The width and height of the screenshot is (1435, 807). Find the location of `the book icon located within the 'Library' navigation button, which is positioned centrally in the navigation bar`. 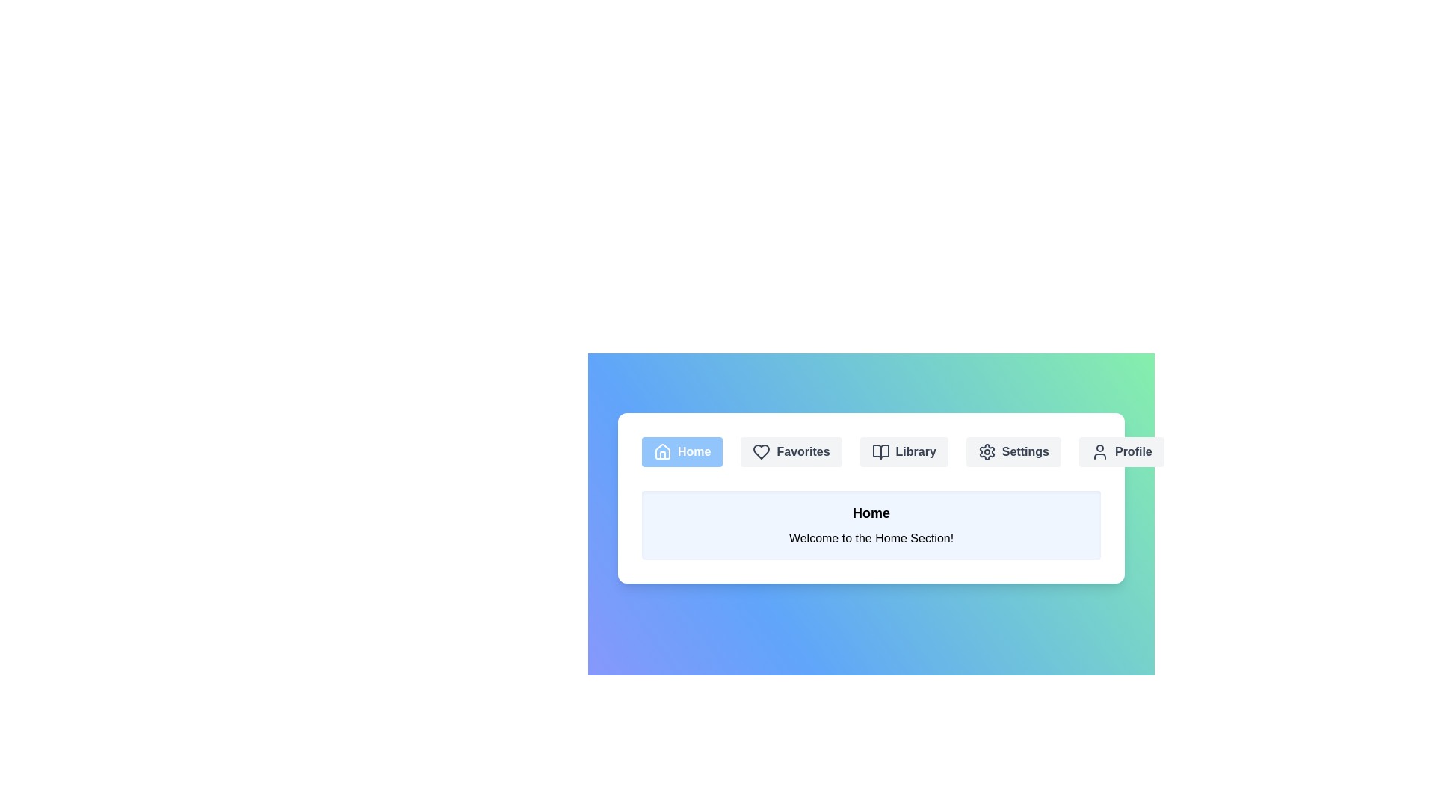

the book icon located within the 'Library' navigation button, which is positioned centrally in the navigation bar is located at coordinates (880, 451).